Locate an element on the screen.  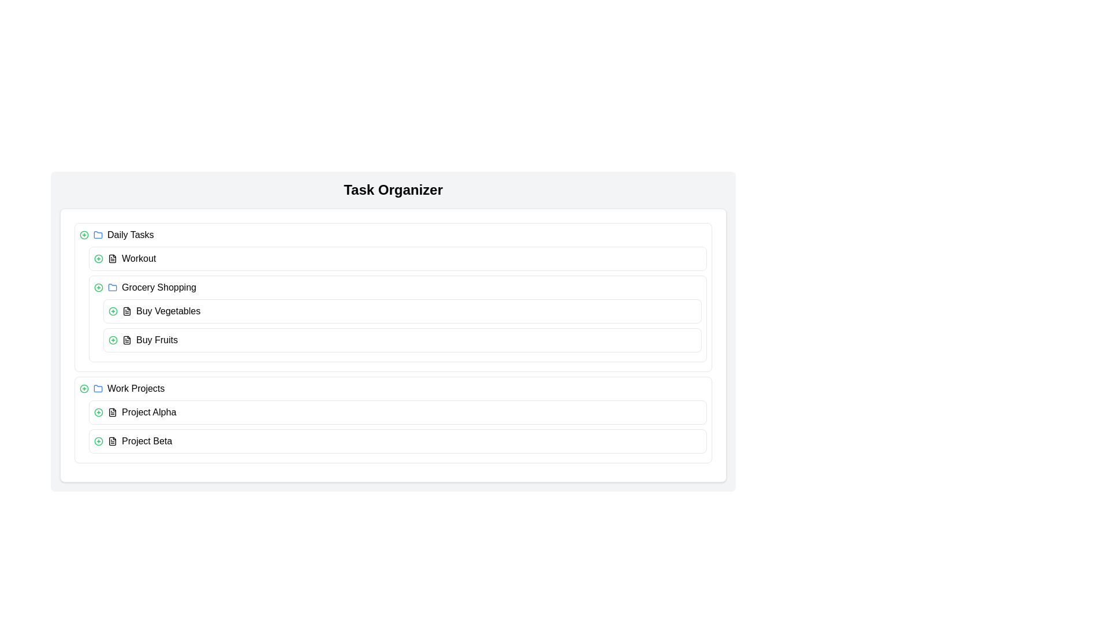
the list item entry labeled 'Buy Fruits' which is the second item under the 'Grocery Shopping' section is located at coordinates (402, 340).